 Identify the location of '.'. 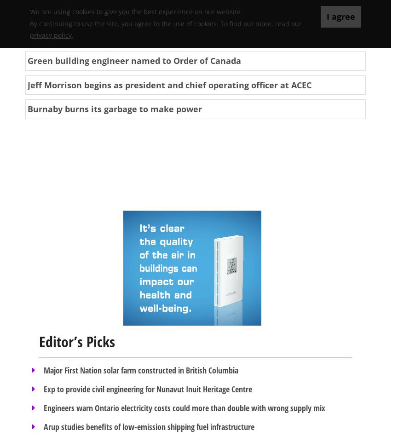
(72, 34).